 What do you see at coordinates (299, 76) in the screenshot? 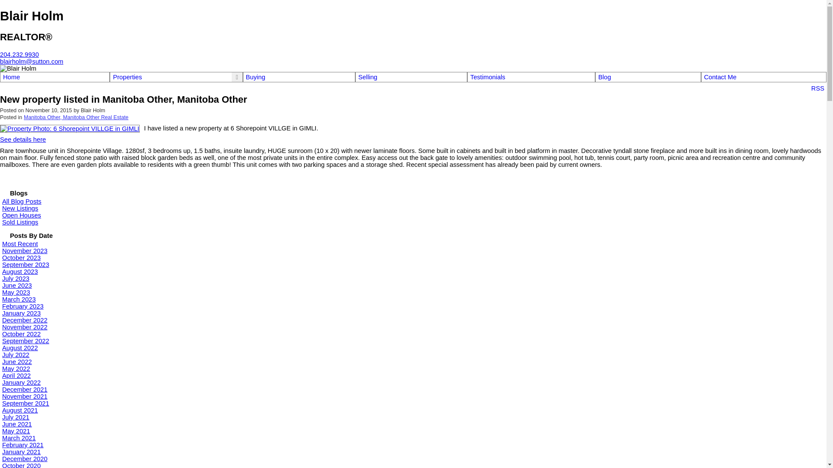
I see `'Buying'` at bounding box center [299, 76].